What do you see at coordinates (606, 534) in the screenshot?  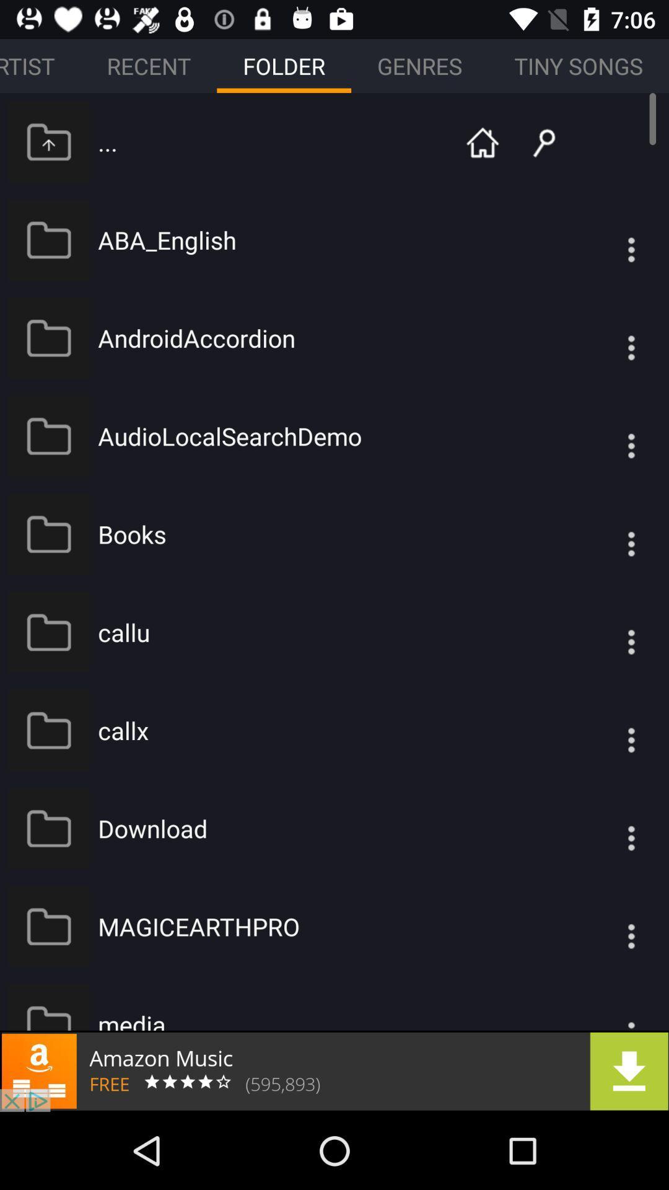 I see `switch autoplay option` at bounding box center [606, 534].